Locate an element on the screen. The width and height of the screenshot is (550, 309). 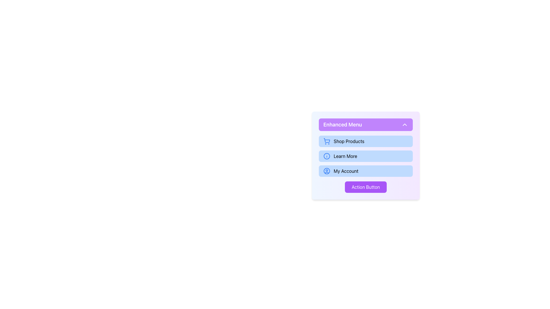
the information icon, which is a circular icon with a blue outline featuring a vertical line and a dot inside, located to the left of the 'Learn More' text in the second row under the 'Enhanced Menu' heading is located at coordinates (327, 156).